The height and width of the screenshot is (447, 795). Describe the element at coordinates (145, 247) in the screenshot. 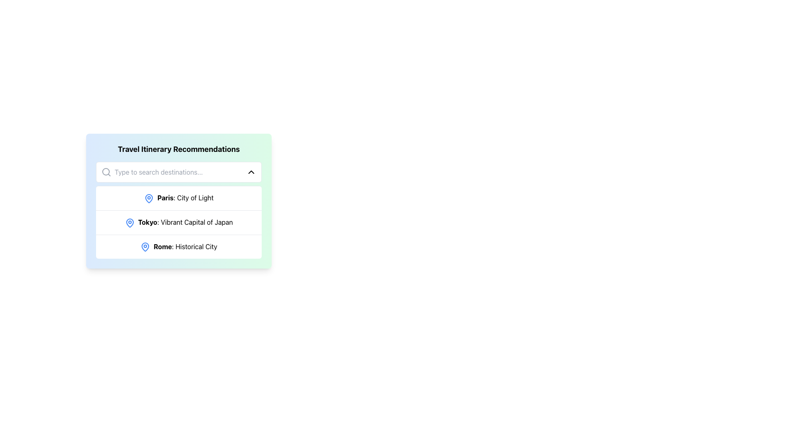

I see `the geographic location icon representing 'Rome: Historical City' in the 'Travel Itinerary Recommendations' section` at that location.